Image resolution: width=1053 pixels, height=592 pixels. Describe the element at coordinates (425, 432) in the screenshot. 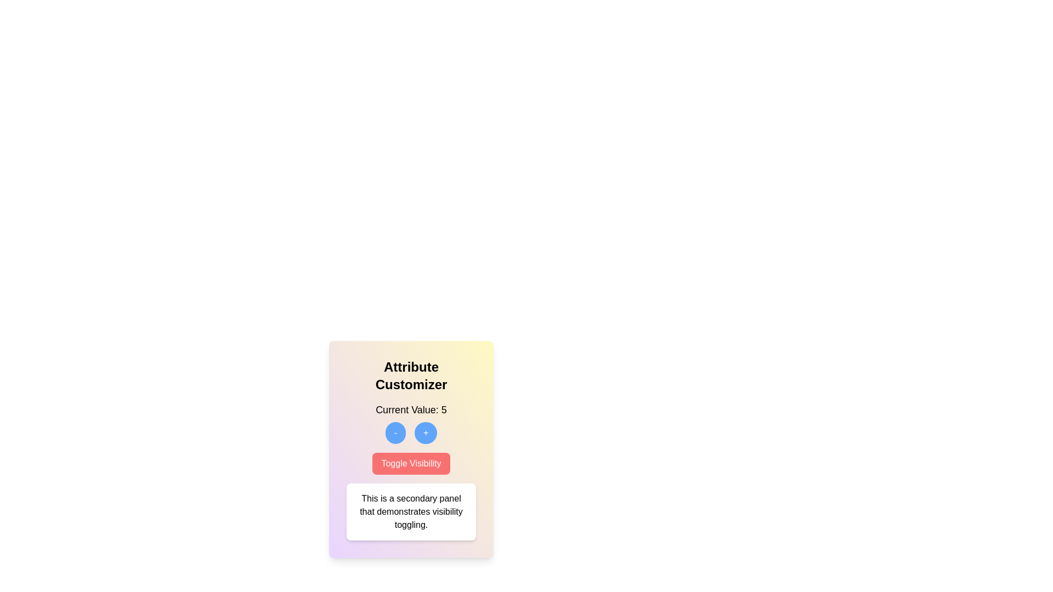

I see `the '+' button located to the right of the '-' button, below the text 'Current Value: 5', to increase the value` at that location.